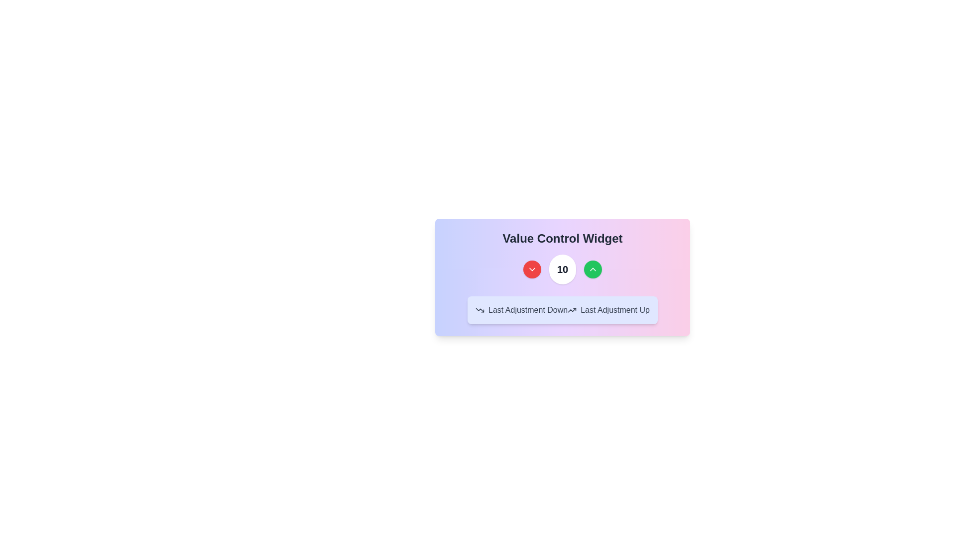  Describe the element at coordinates (562, 289) in the screenshot. I see `the informational panel that displays contextual information about the last adjustments made, indicating their direction ('Down' or 'Up'), located beneath the number indicator '10' in the 'Value Control Widget'` at that location.